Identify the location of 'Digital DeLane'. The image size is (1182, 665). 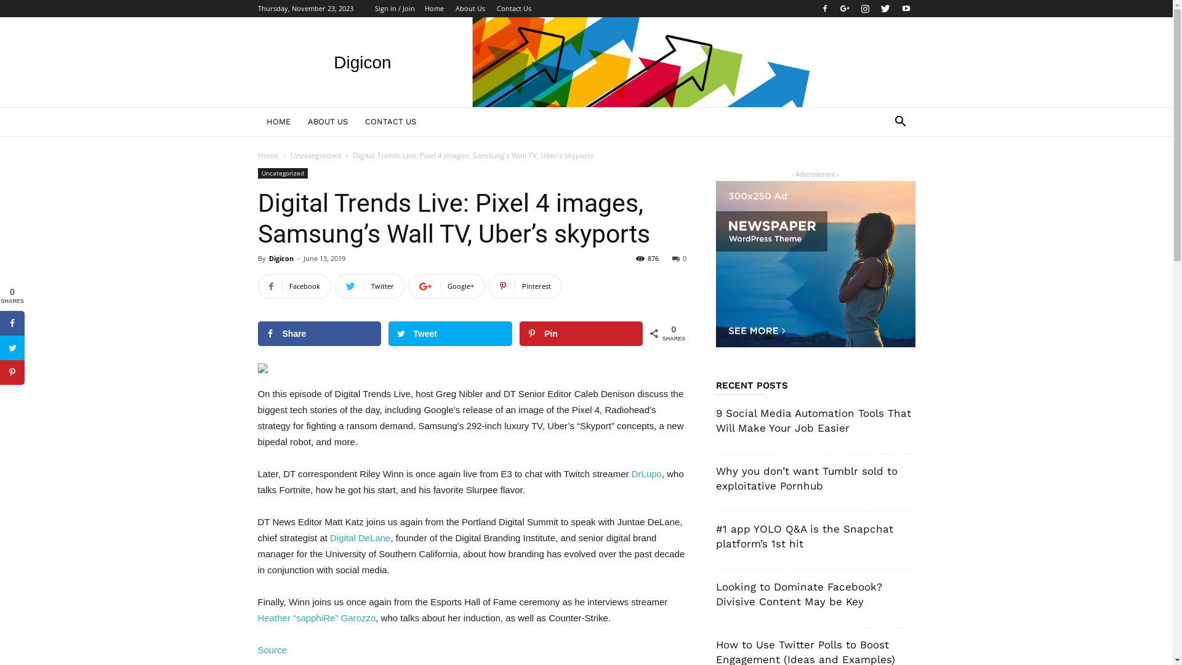
(360, 537).